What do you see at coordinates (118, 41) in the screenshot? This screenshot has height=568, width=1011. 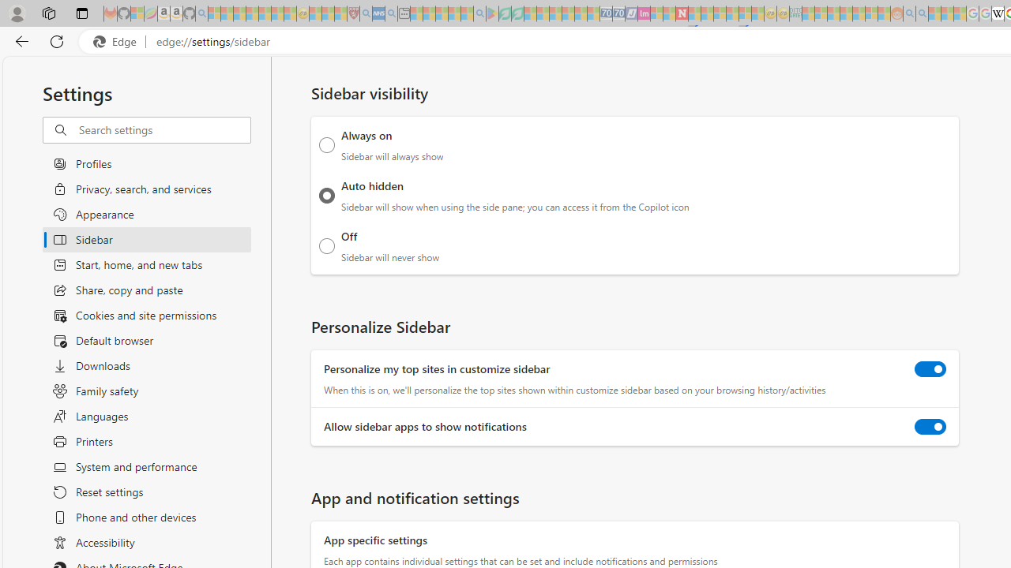 I see `'Edge'` at bounding box center [118, 41].